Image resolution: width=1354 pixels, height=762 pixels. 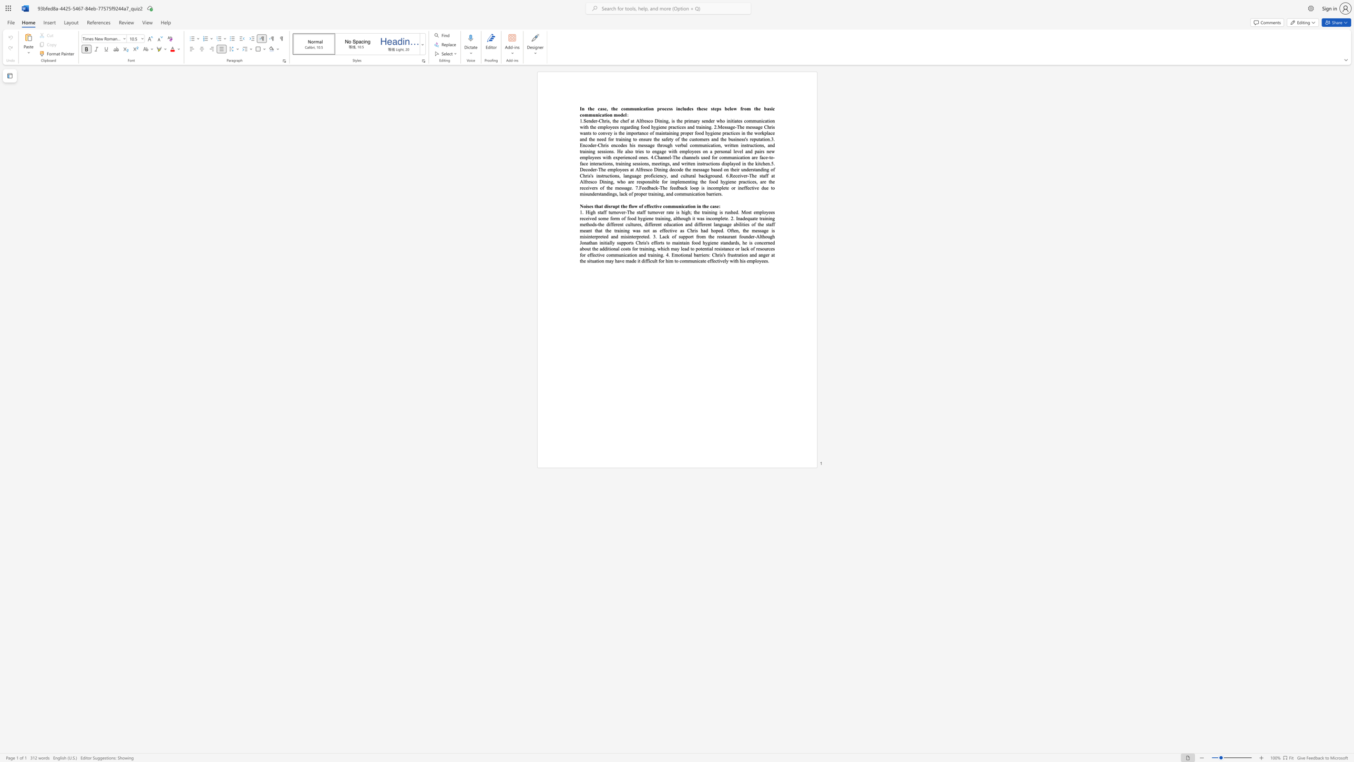 What do you see at coordinates (706, 175) in the screenshot?
I see `the 1th character "k" in the text` at bounding box center [706, 175].